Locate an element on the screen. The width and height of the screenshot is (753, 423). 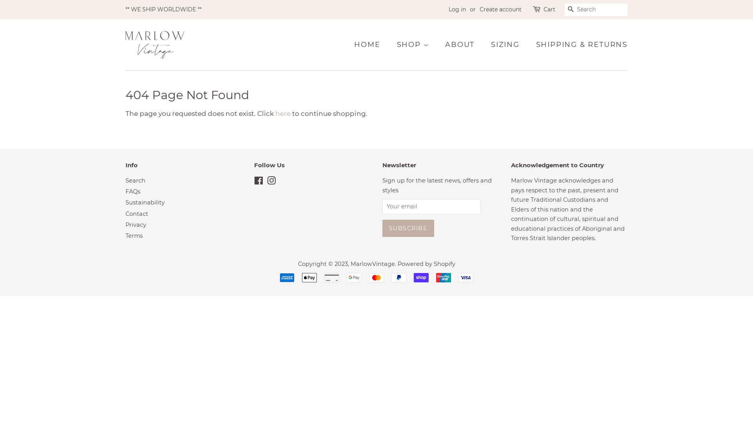
'Instagram' is located at coordinates (271, 182).